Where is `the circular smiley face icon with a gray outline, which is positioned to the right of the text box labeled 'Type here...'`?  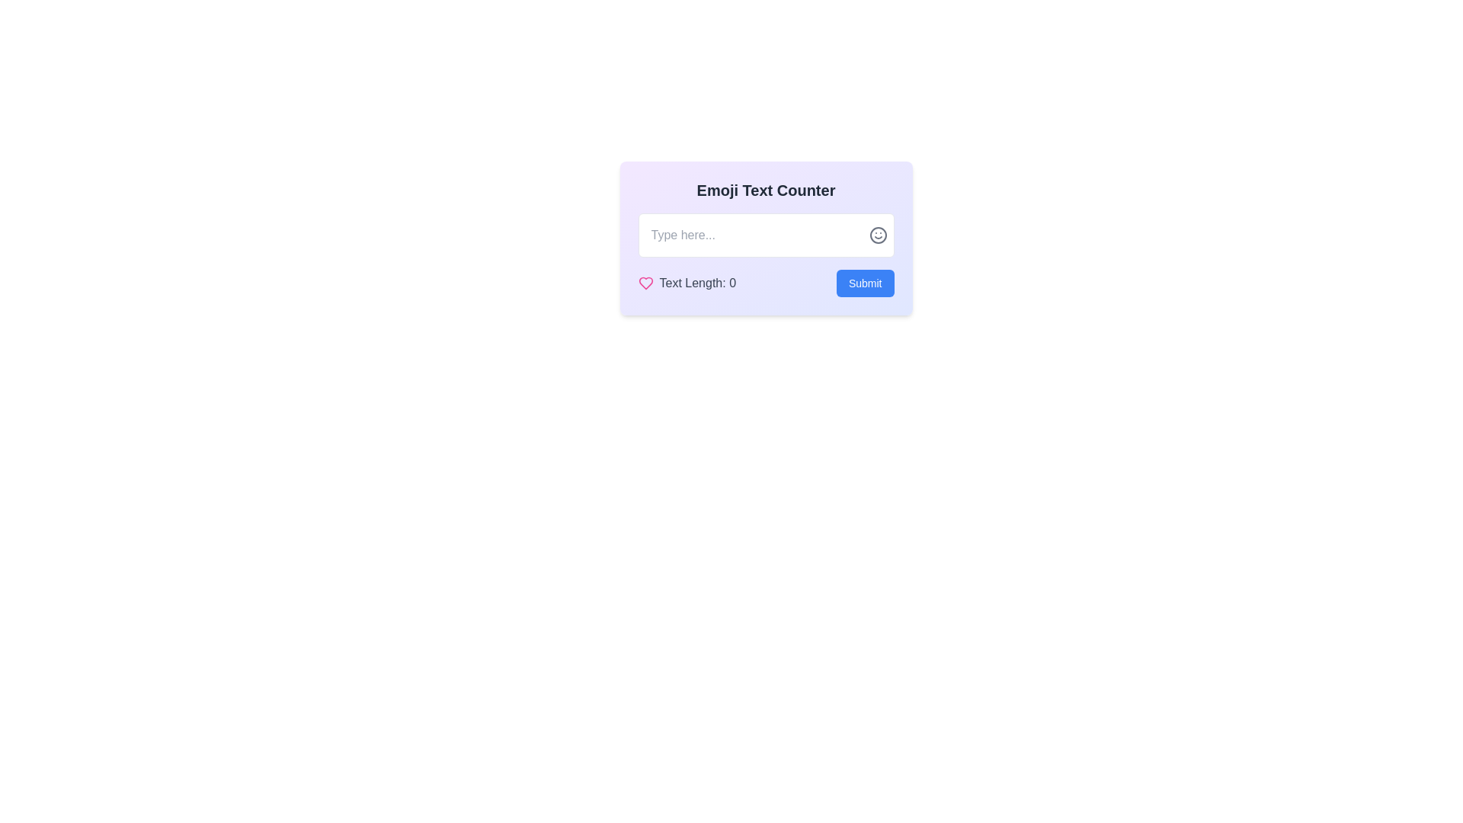
the circular smiley face icon with a gray outline, which is positioned to the right of the text box labeled 'Type here...' is located at coordinates (878, 235).